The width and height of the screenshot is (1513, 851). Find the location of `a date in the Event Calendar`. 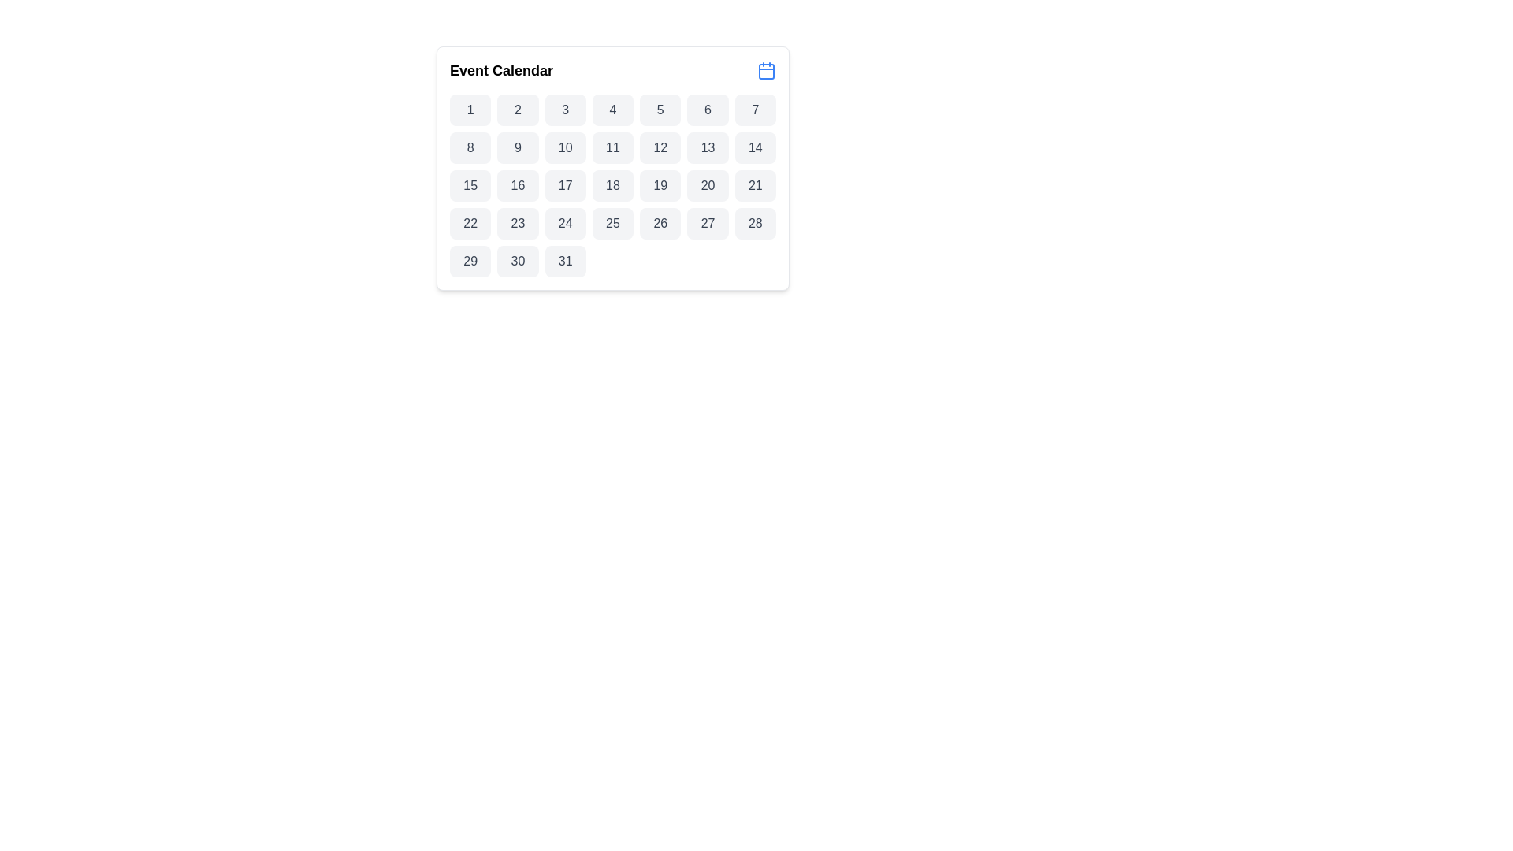

a date in the Event Calendar is located at coordinates (612, 168).